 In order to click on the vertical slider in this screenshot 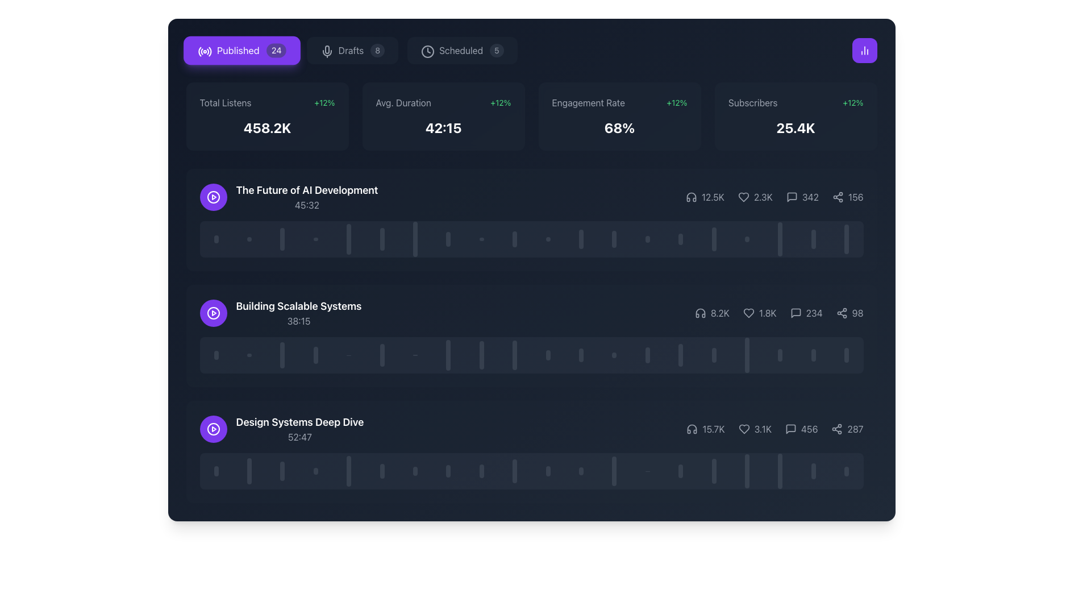, I will do `click(713, 478)`.